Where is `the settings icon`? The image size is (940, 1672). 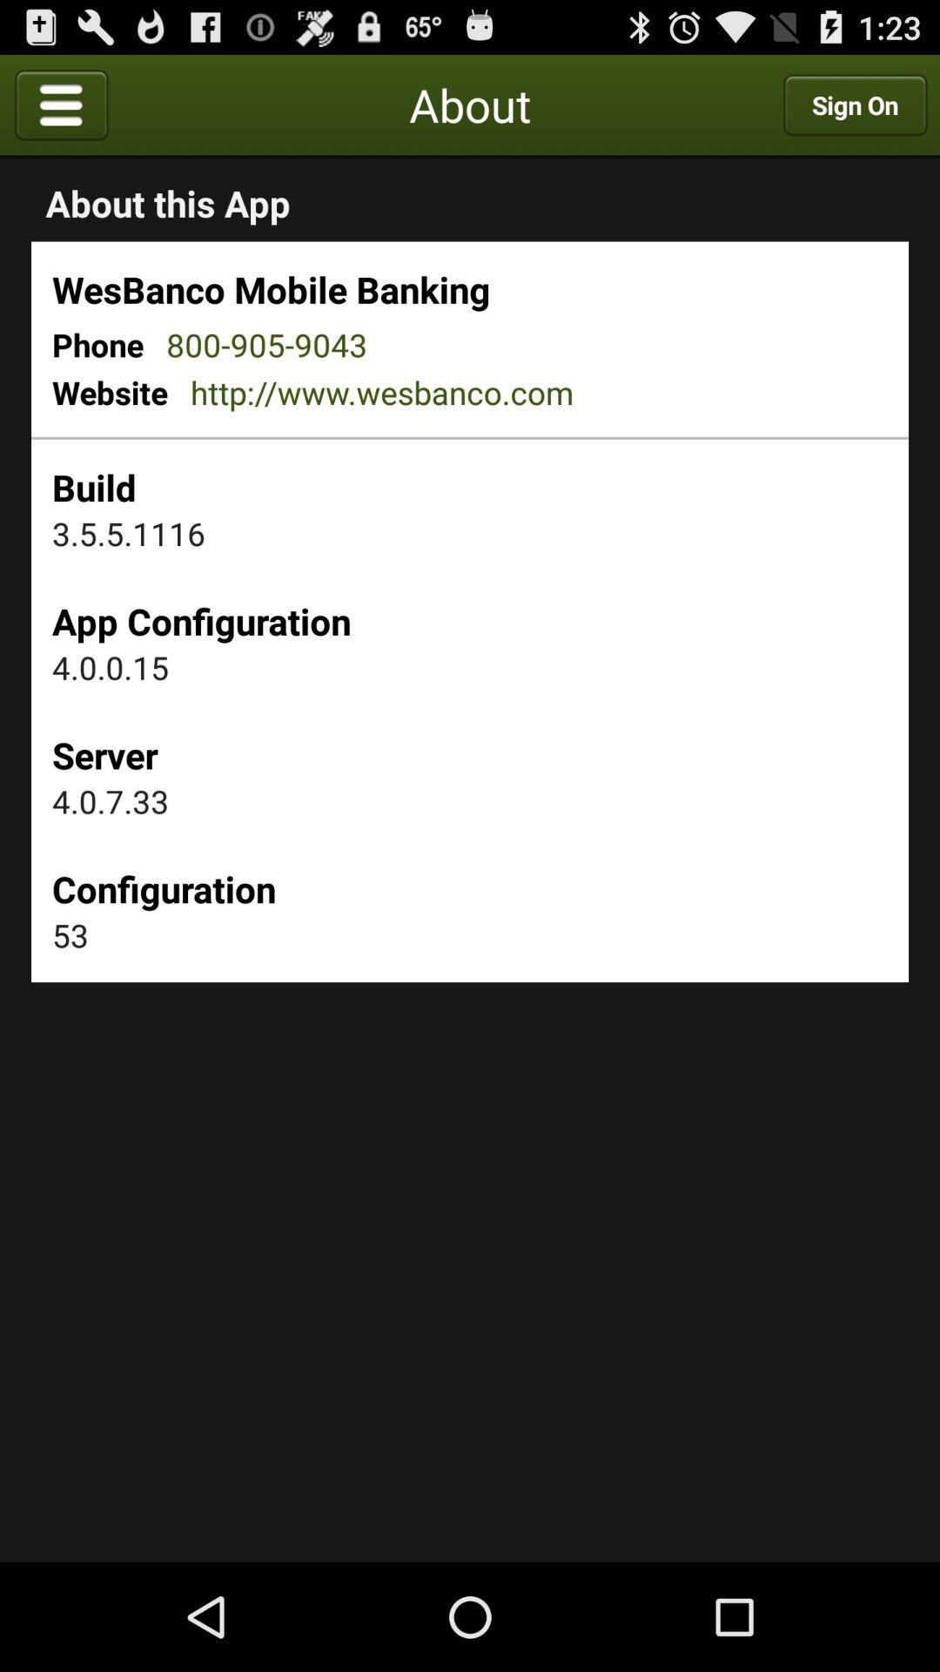
the settings icon is located at coordinates (233, 111).